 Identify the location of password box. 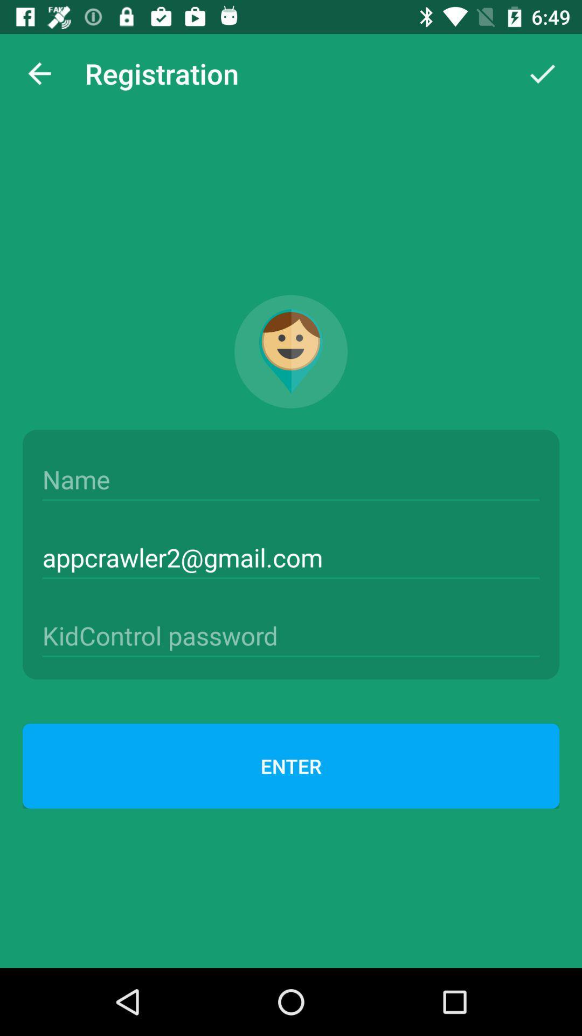
(291, 636).